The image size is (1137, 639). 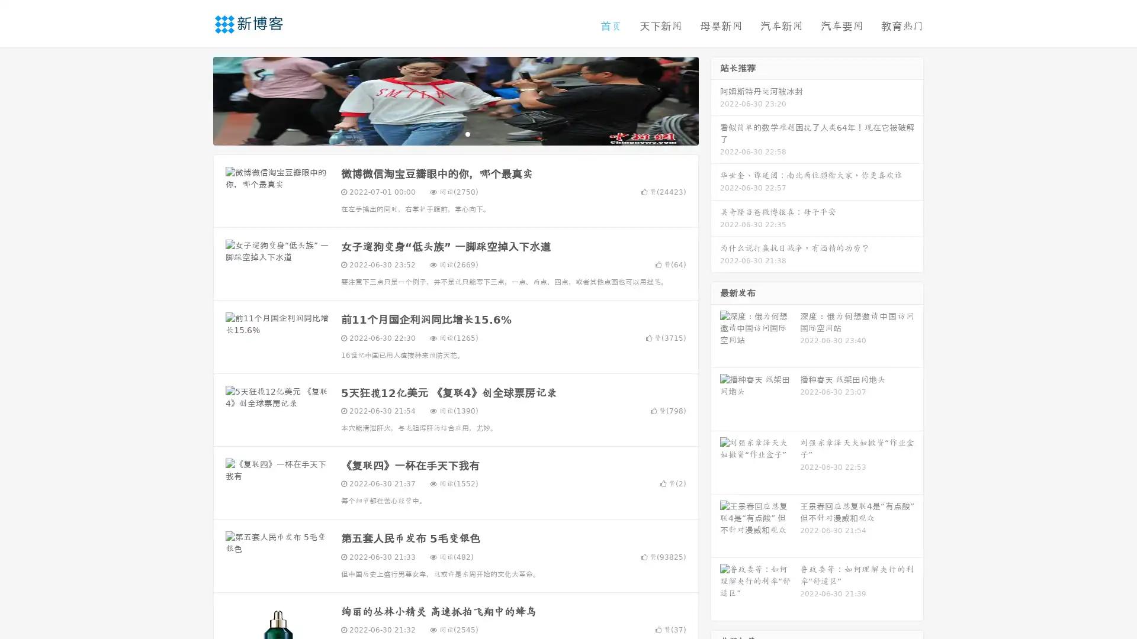 I want to click on Go to slide 2, so click(x=455, y=133).